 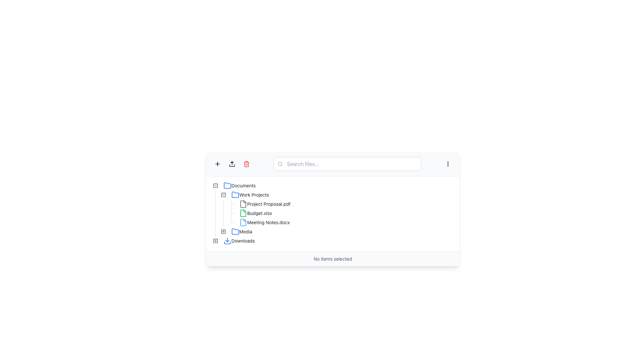 What do you see at coordinates (223, 195) in the screenshot?
I see `the square-shaped Expansion toggle button with a minus sign in the center` at bounding box center [223, 195].